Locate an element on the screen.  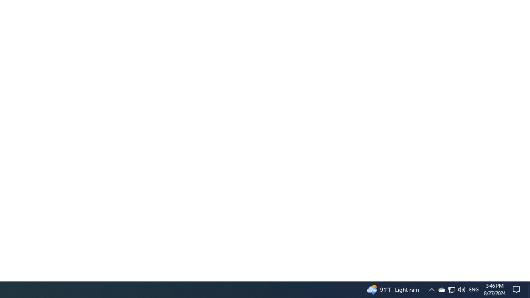
'Notification Chevron' is located at coordinates (441, 289).